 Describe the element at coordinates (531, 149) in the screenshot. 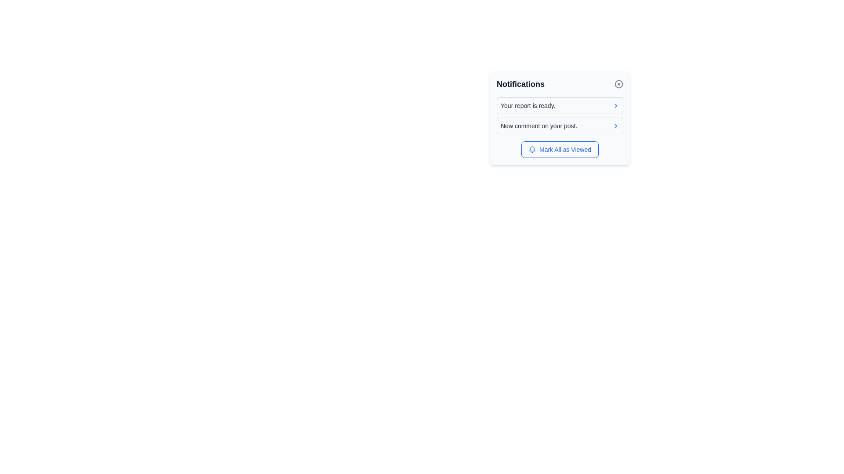

I see `the bell icon located on the left side of the 'Mark All as Viewed' button in the notification panel` at that location.